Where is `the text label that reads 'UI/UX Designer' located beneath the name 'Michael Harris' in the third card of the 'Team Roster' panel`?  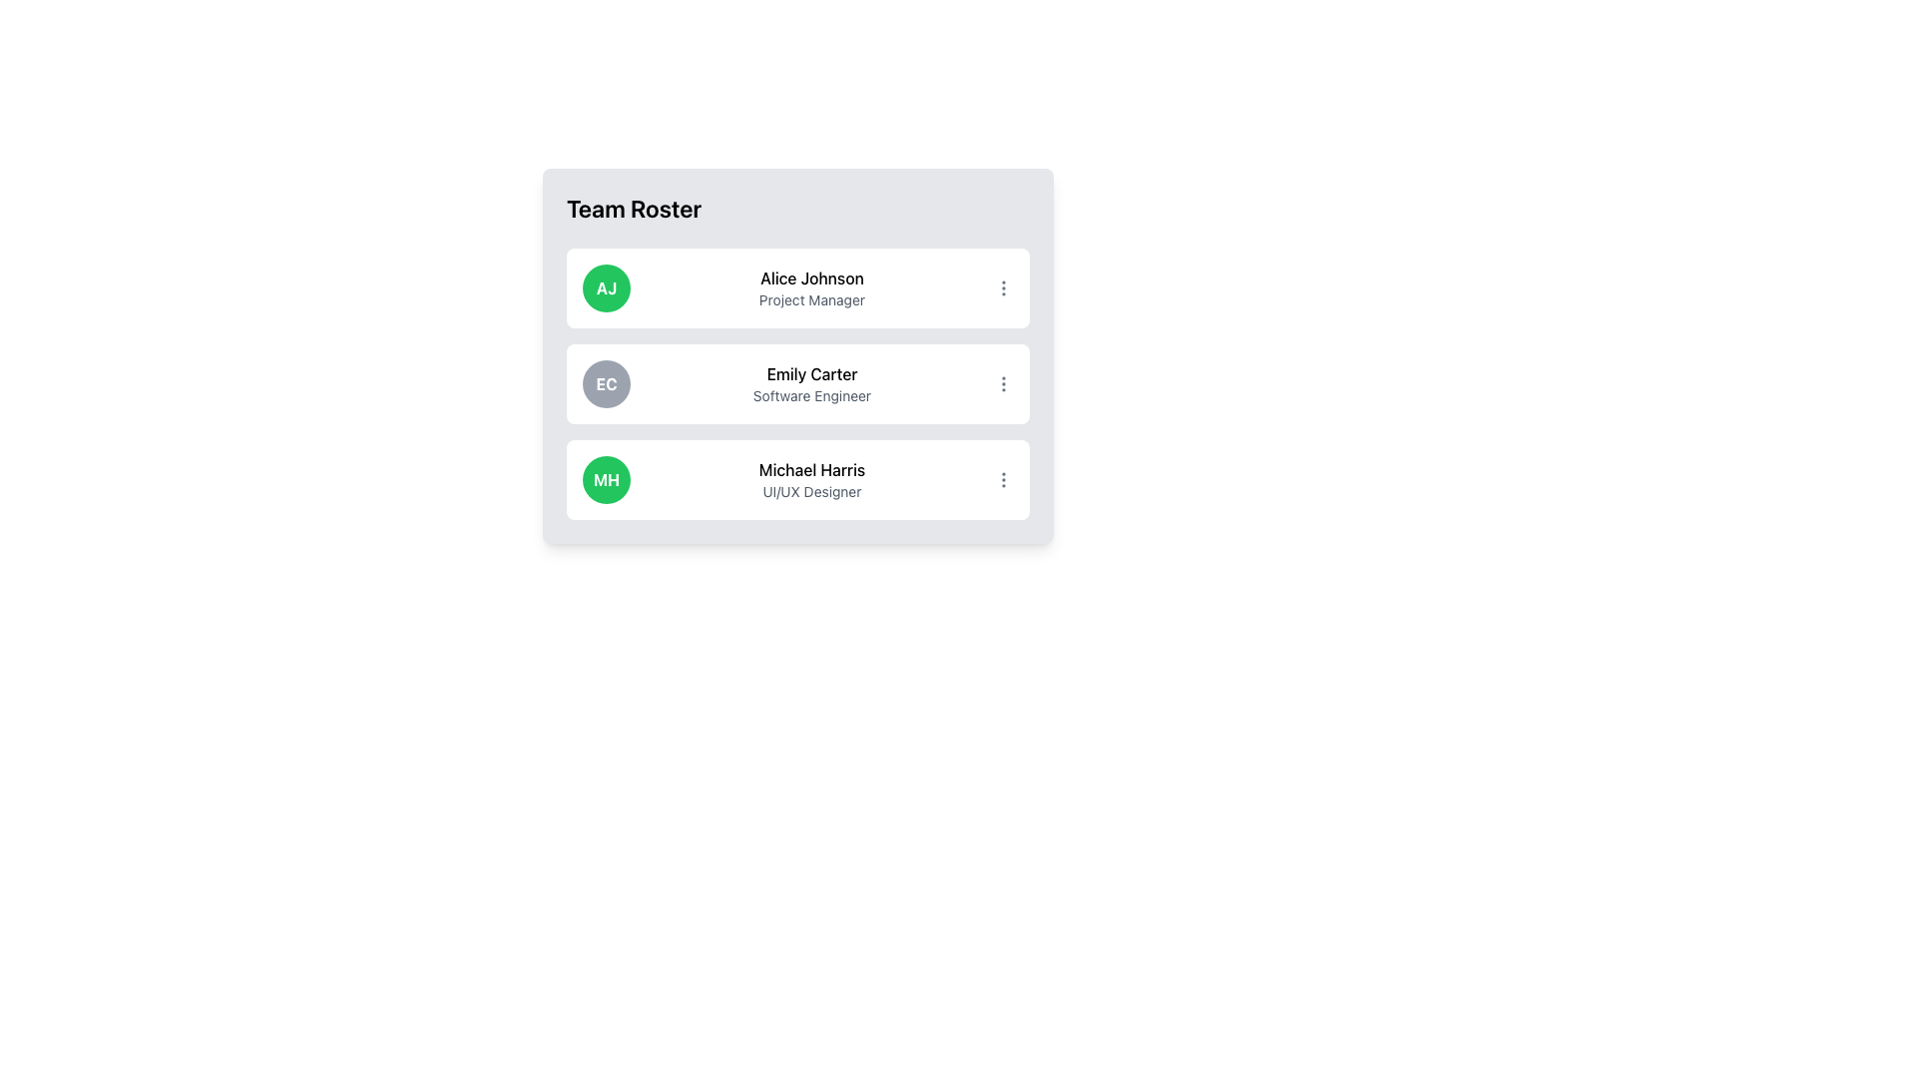 the text label that reads 'UI/UX Designer' located beneath the name 'Michael Harris' in the third card of the 'Team Roster' panel is located at coordinates (812, 492).